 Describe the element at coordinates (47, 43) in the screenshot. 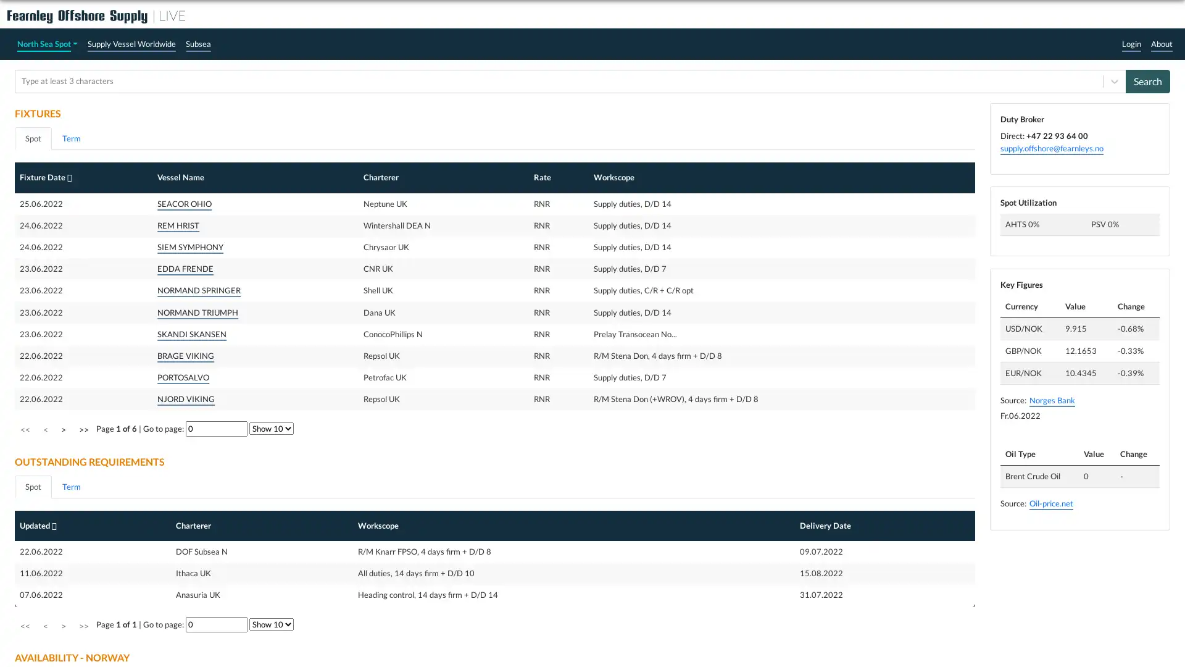

I see `North Sea Spot` at that location.